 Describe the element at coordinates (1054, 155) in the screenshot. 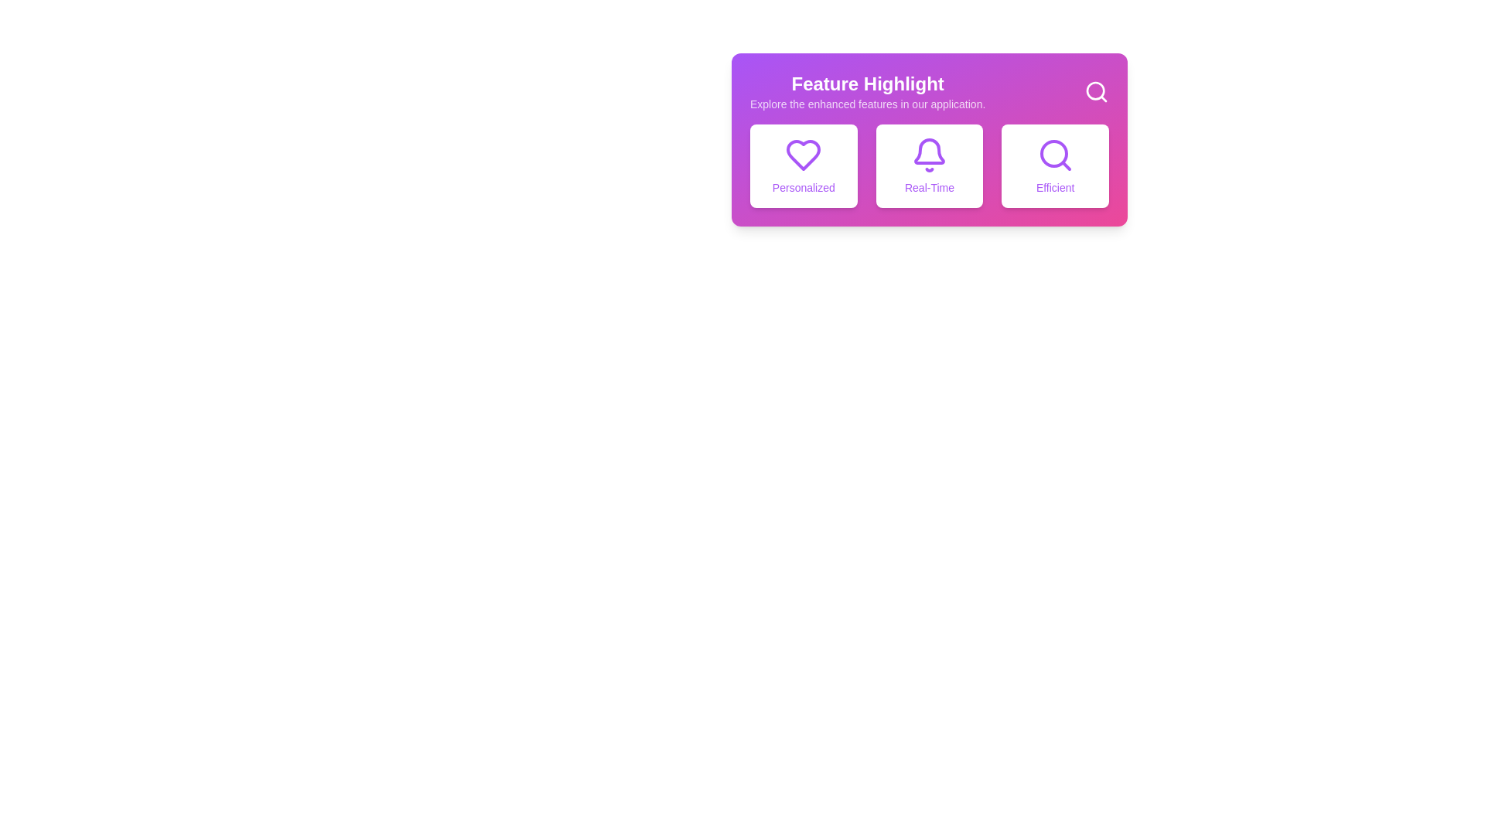

I see `the magnifying glass icon located within the 'Efficient' card, which is the rightmost card under the 'Feature Highlight' title` at that location.